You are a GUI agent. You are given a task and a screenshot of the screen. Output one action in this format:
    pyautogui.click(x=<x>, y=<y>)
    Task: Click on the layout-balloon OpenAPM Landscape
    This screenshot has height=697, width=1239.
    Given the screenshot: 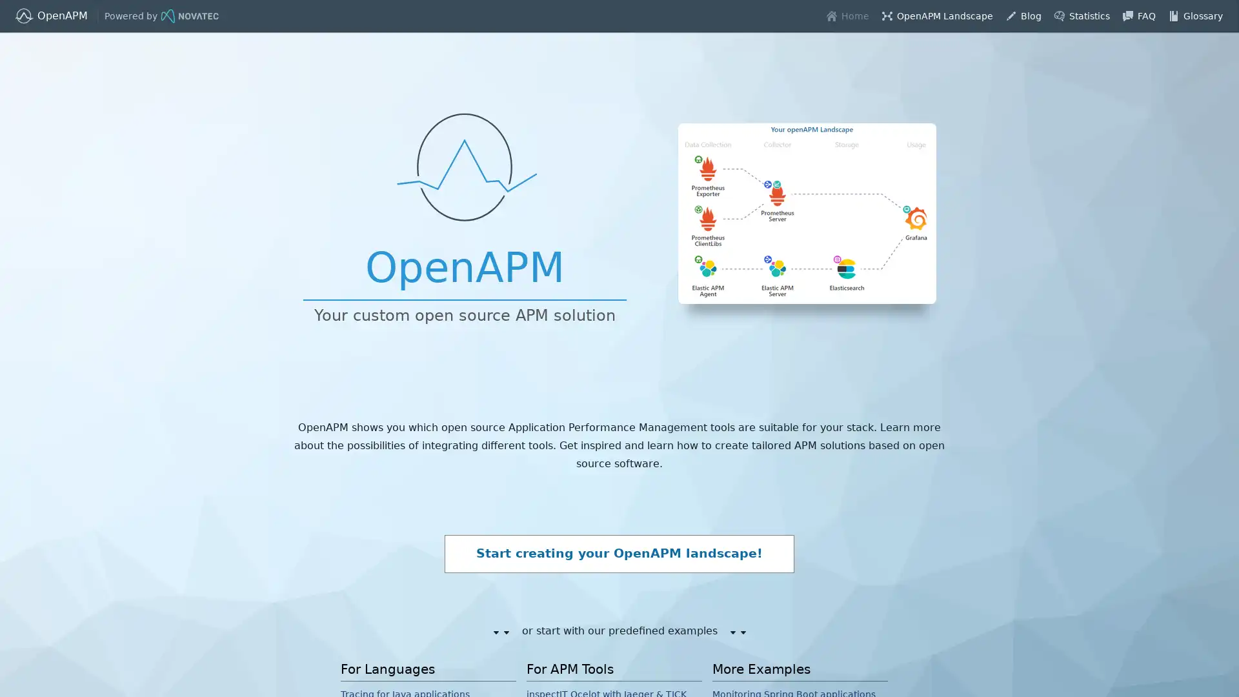 What is the action you would take?
    pyautogui.click(x=938, y=15)
    